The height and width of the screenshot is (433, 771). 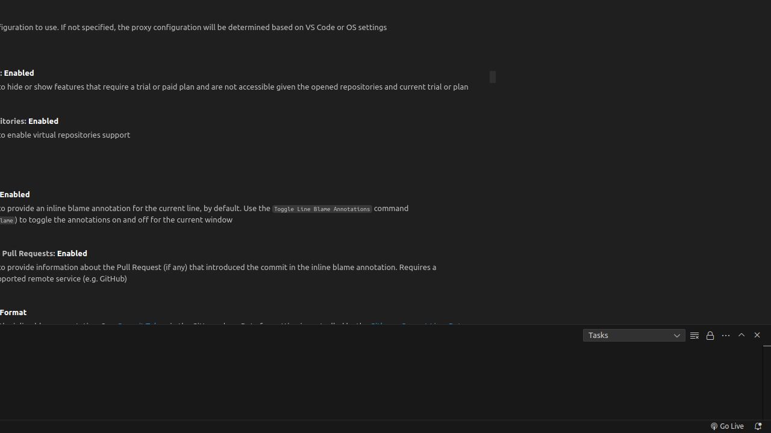 I want to click on 'Tasks', so click(x=634, y=335).